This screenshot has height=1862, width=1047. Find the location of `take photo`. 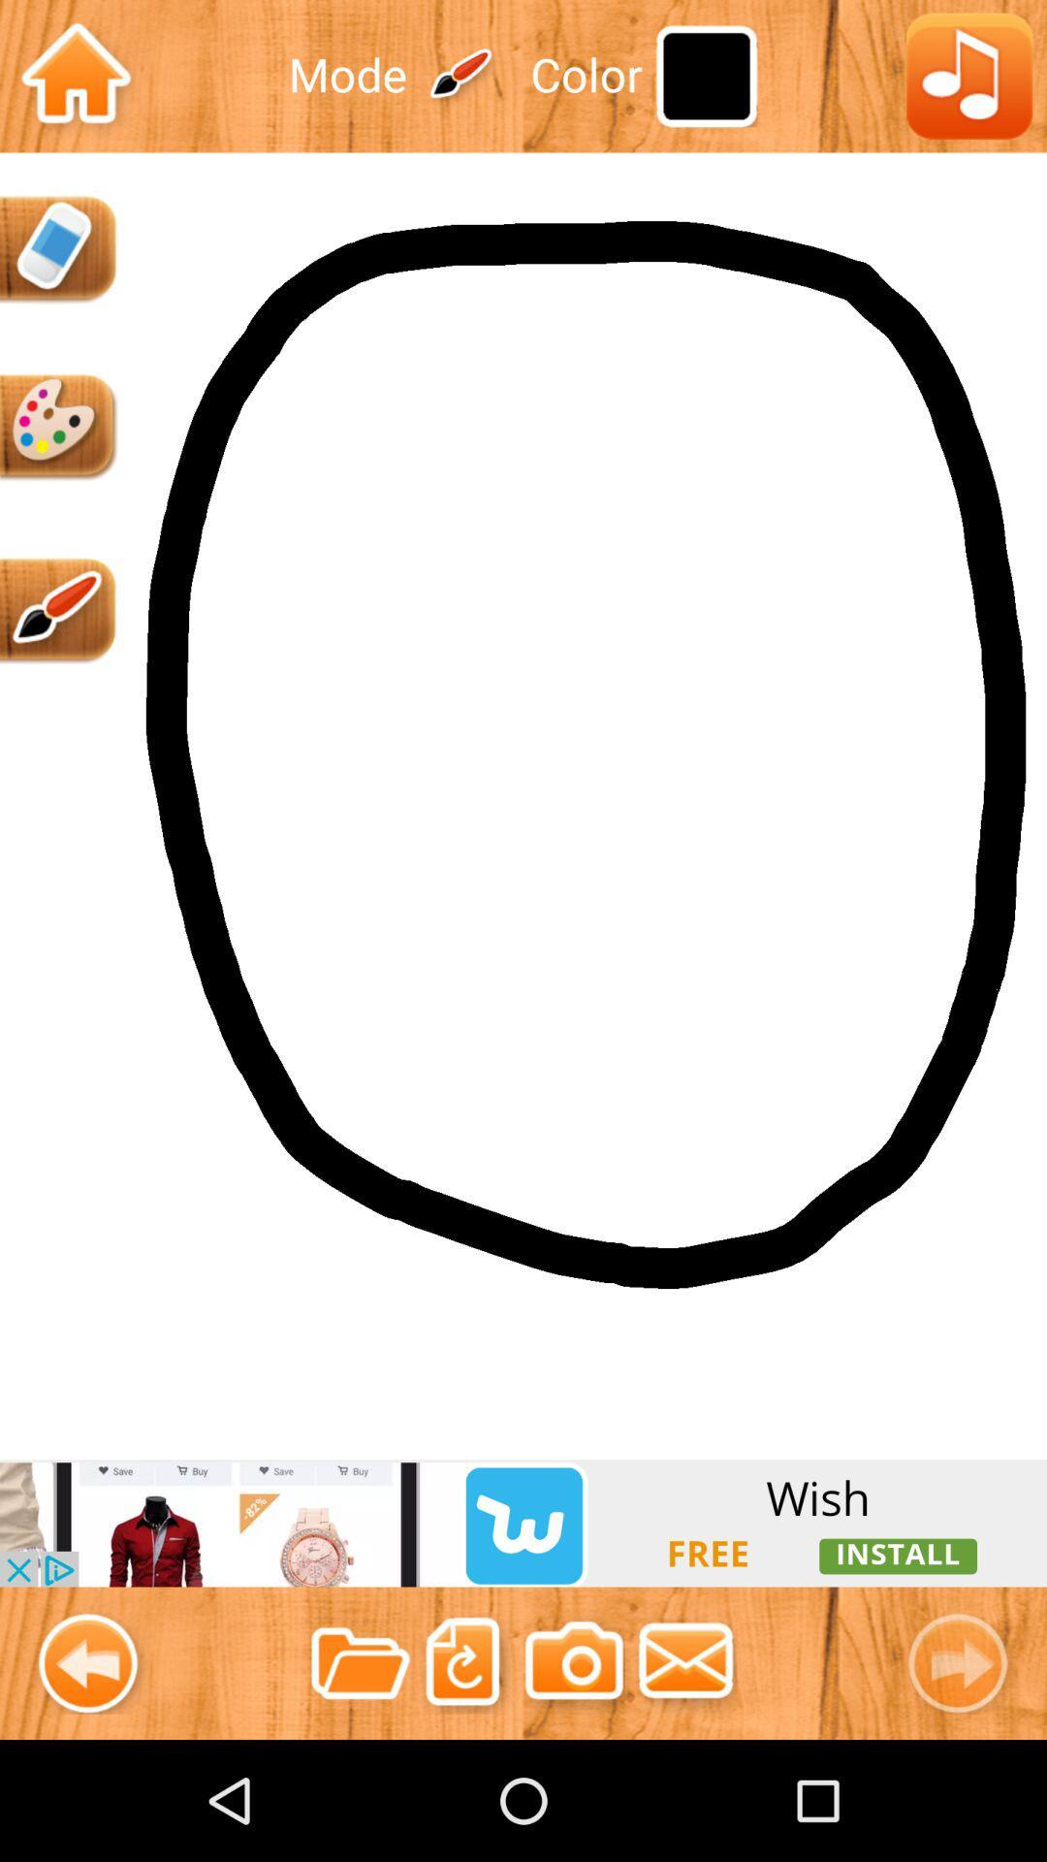

take photo is located at coordinates (573, 1662).